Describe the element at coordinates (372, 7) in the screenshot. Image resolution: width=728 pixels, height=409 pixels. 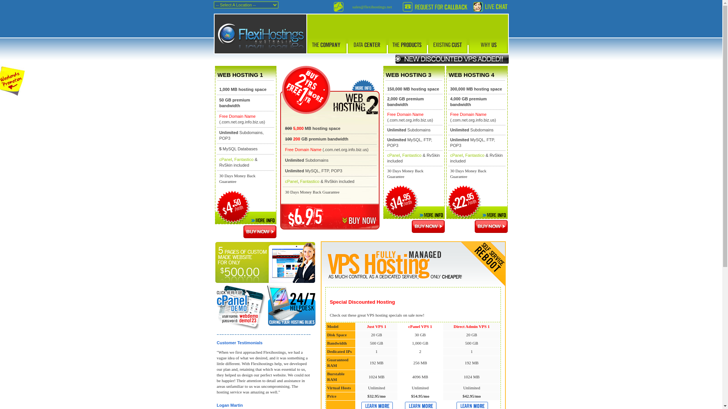
I see `'sales@flexihostings.net'` at that location.